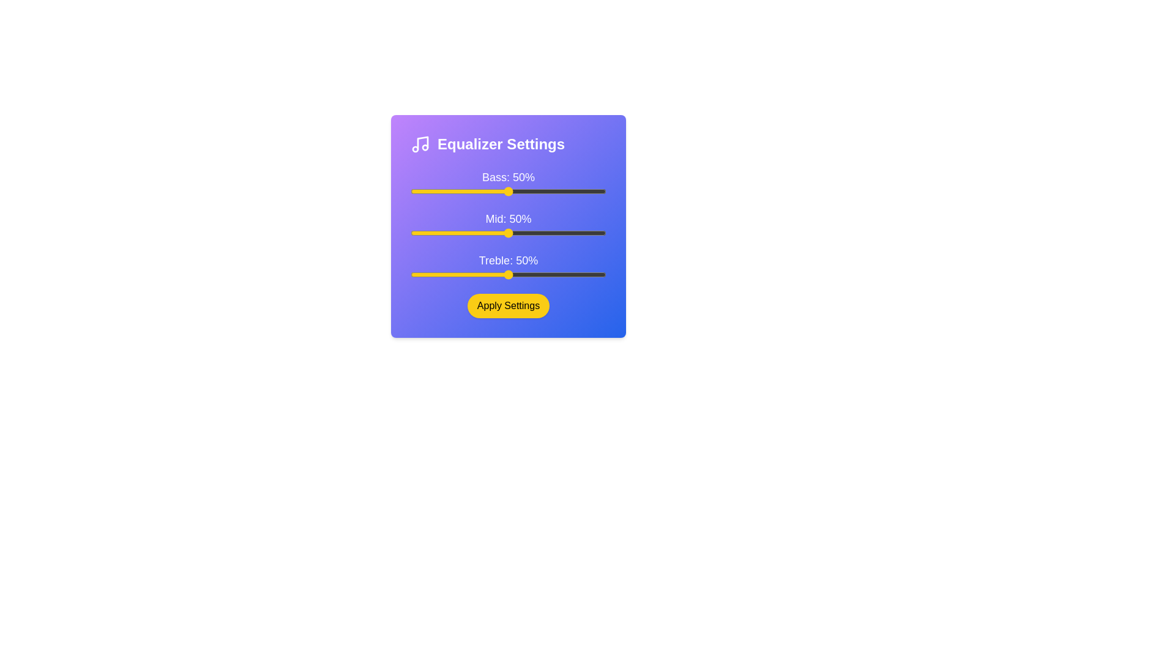 Image resolution: width=1175 pixels, height=661 pixels. I want to click on the 1 slider to 44%, so click(594, 233).